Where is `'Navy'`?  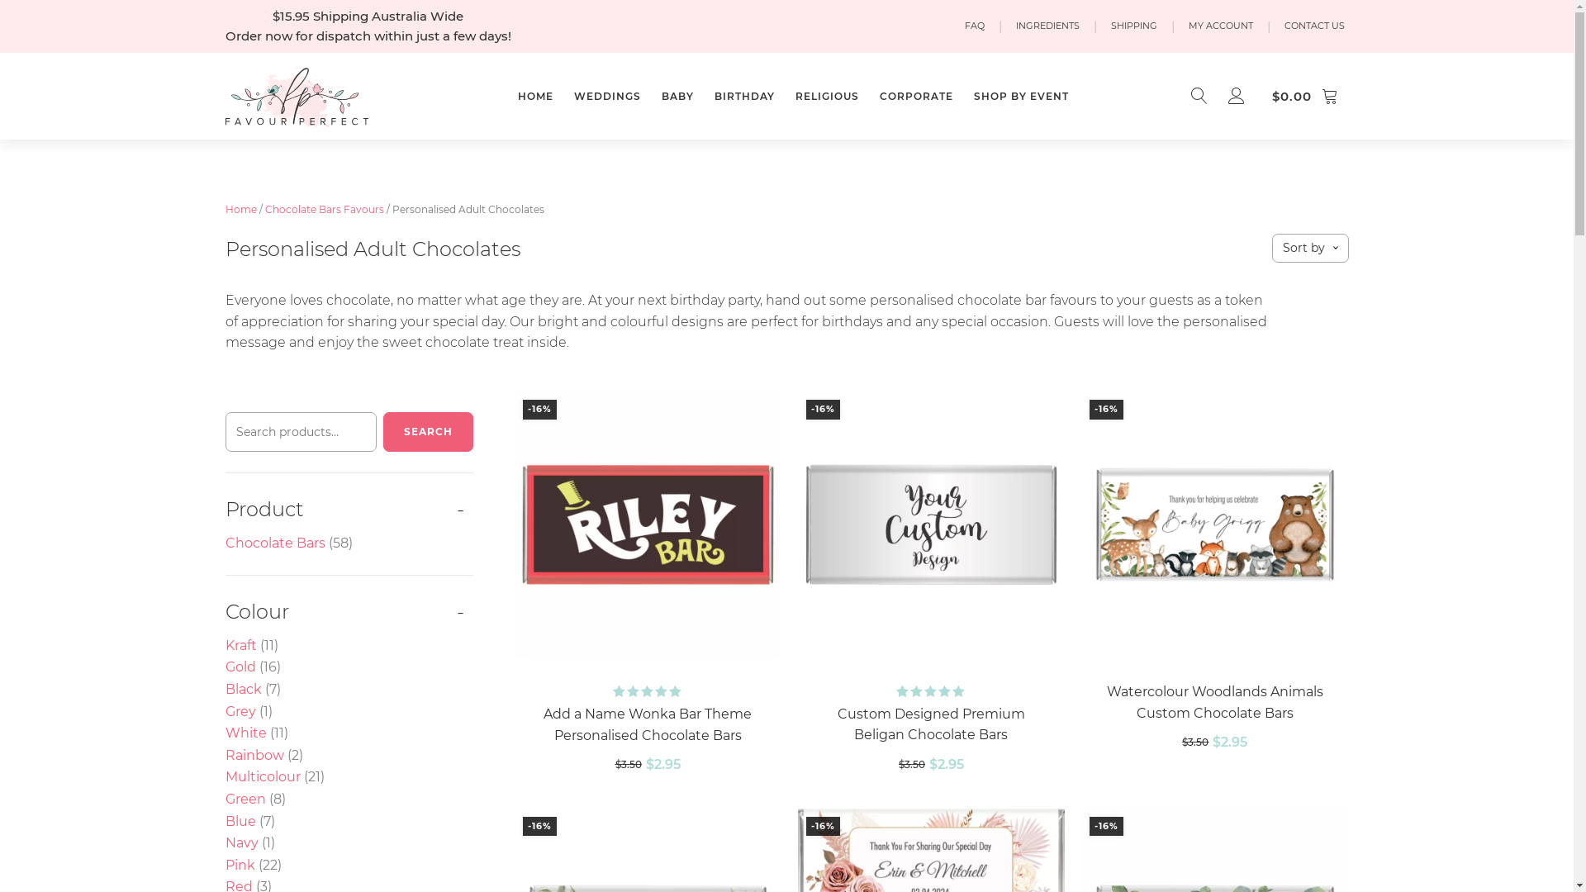
'Navy' is located at coordinates (240, 842).